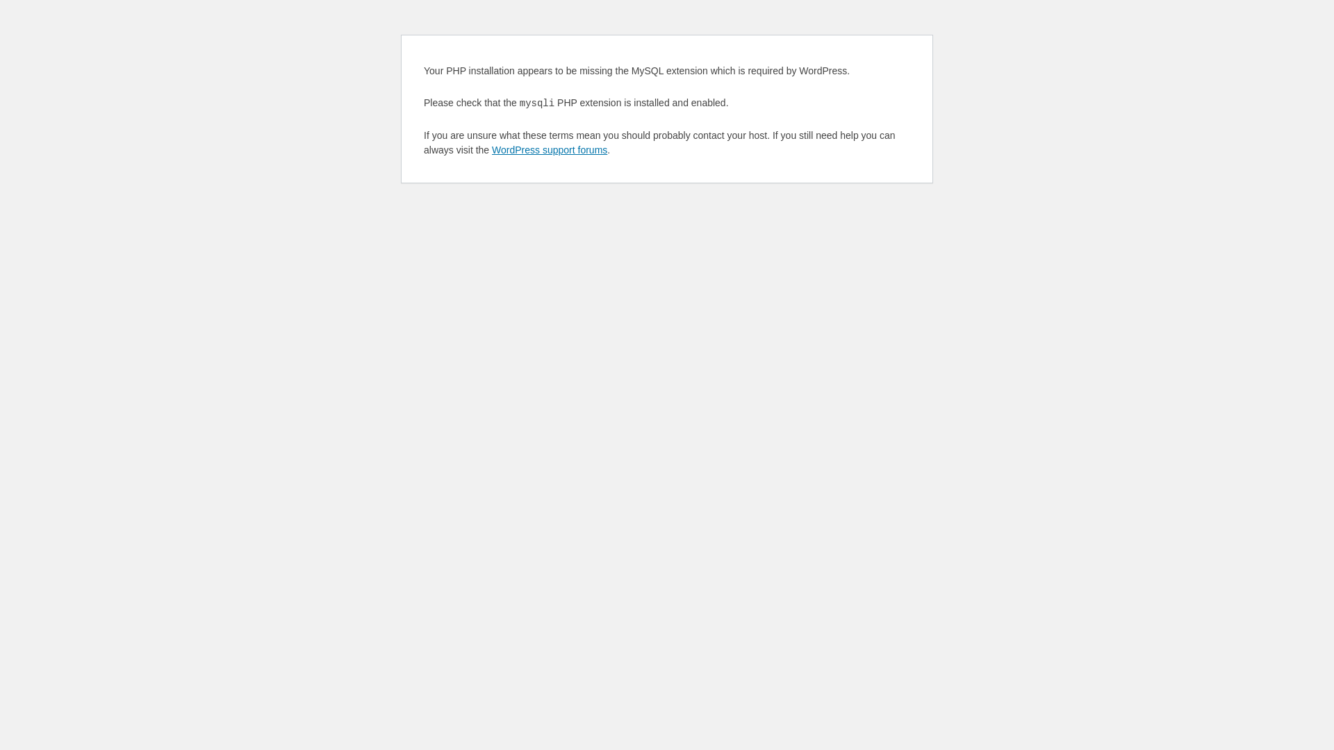 This screenshot has height=750, width=1334. What do you see at coordinates (549, 150) in the screenshot?
I see `'WordPress support forums'` at bounding box center [549, 150].